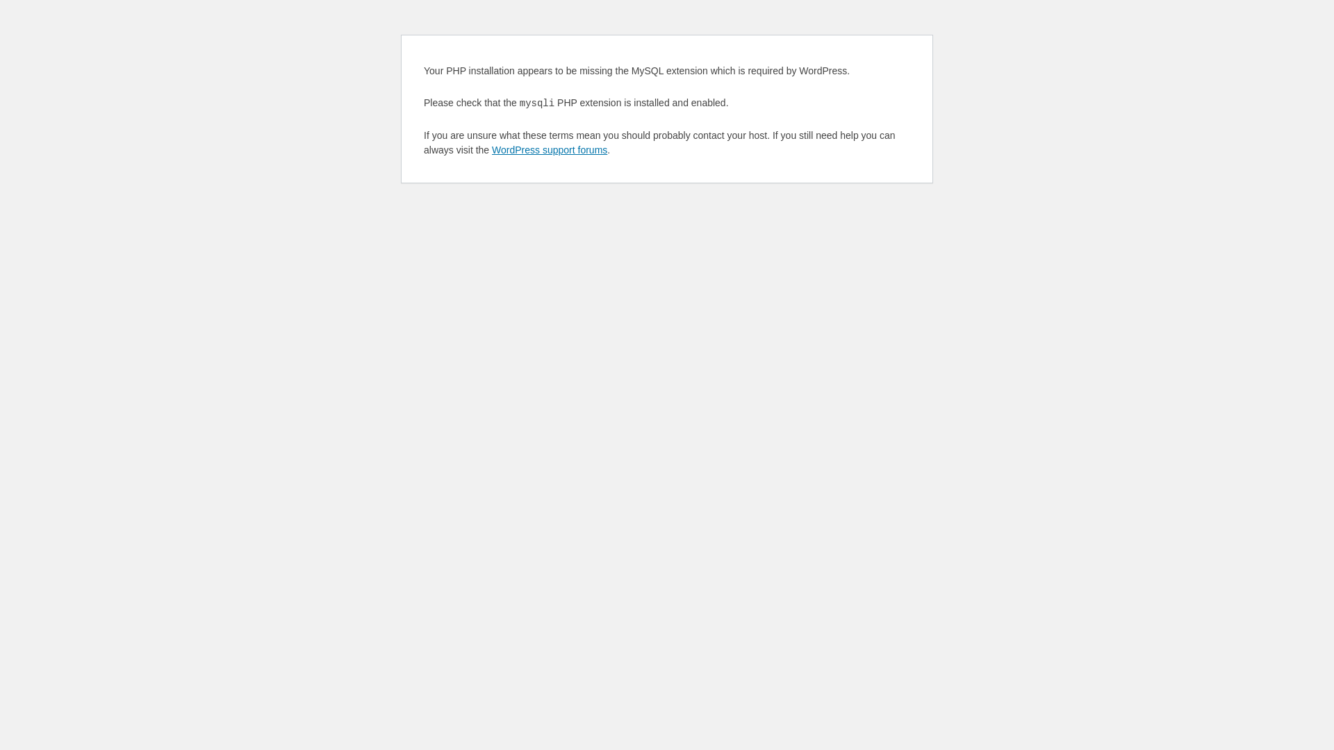 This screenshot has height=750, width=1334. What do you see at coordinates (549, 150) in the screenshot?
I see `'WordPress support forums'` at bounding box center [549, 150].